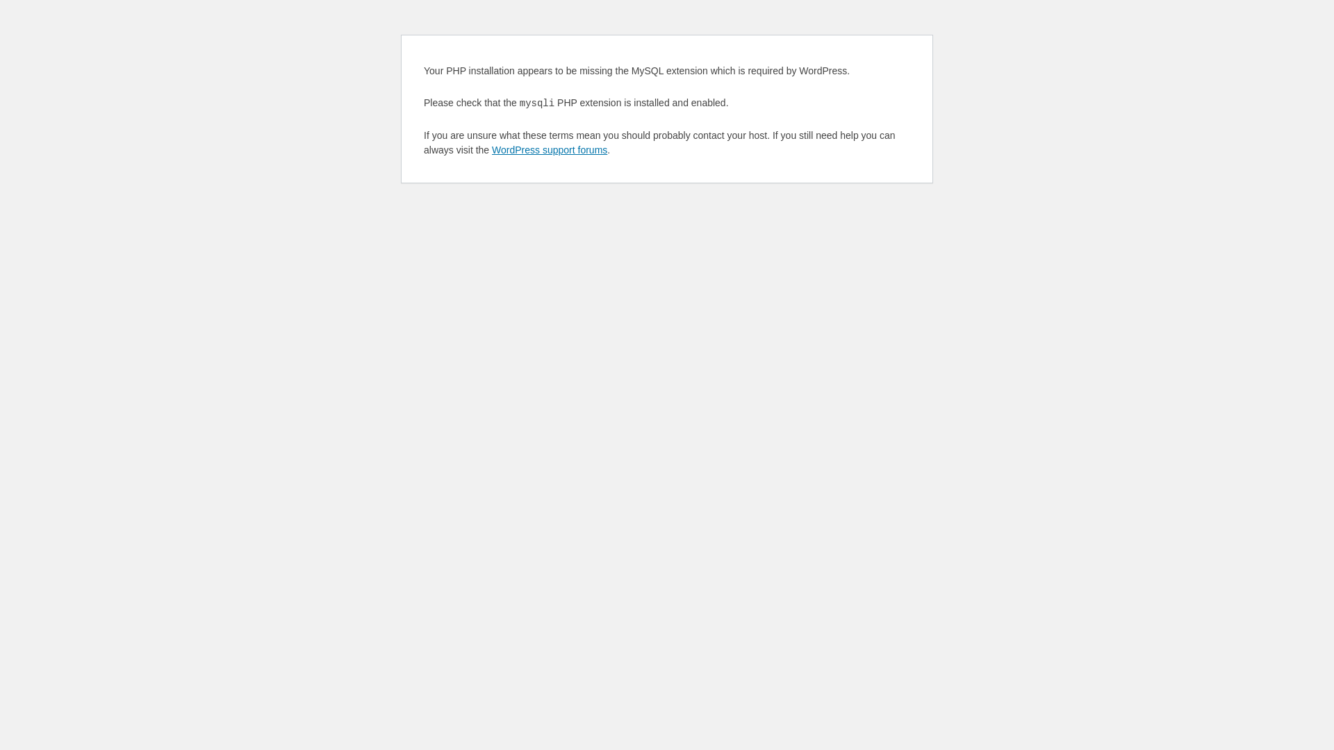 This screenshot has height=750, width=1334. What do you see at coordinates (549, 150) in the screenshot?
I see `'WordPress support forums'` at bounding box center [549, 150].